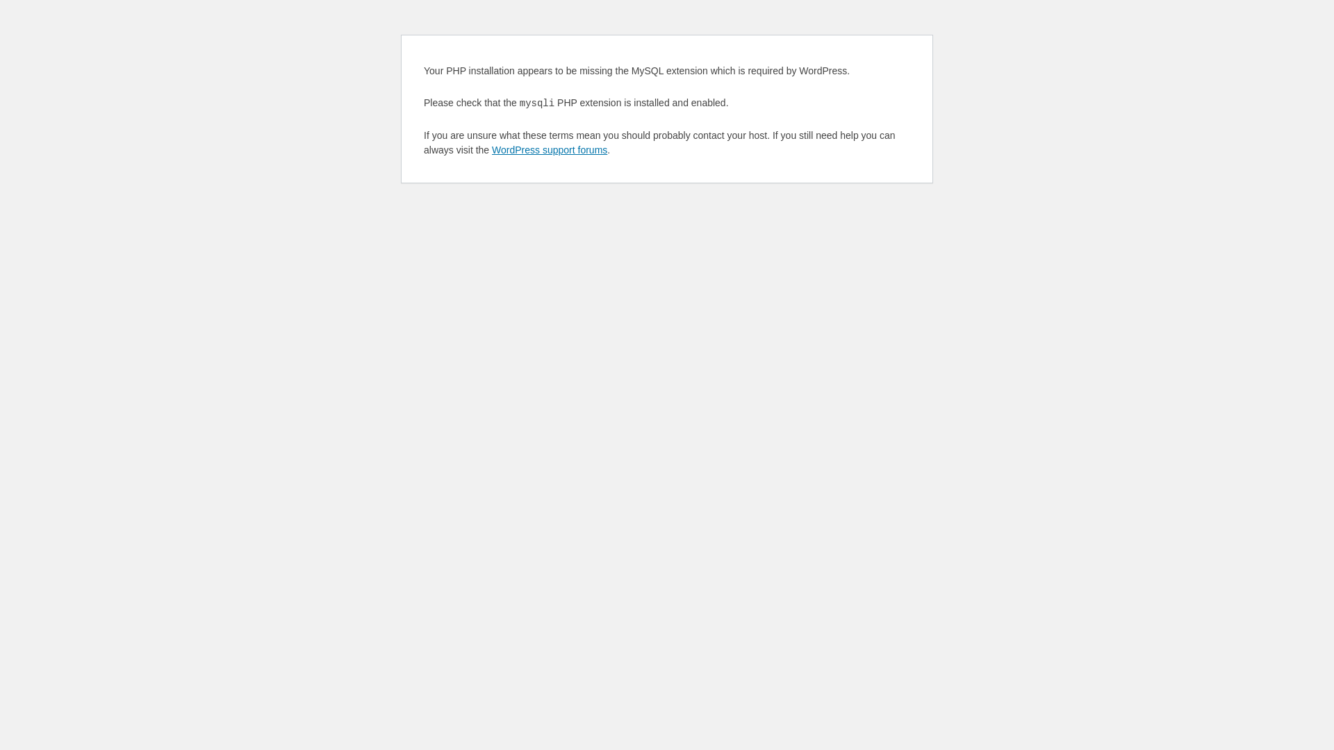 This screenshot has height=750, width=1334. What do you see at coordinates (549, 150) in the screenshot?
I see `'WordPress support forums'` at bounding box center [549, 150].